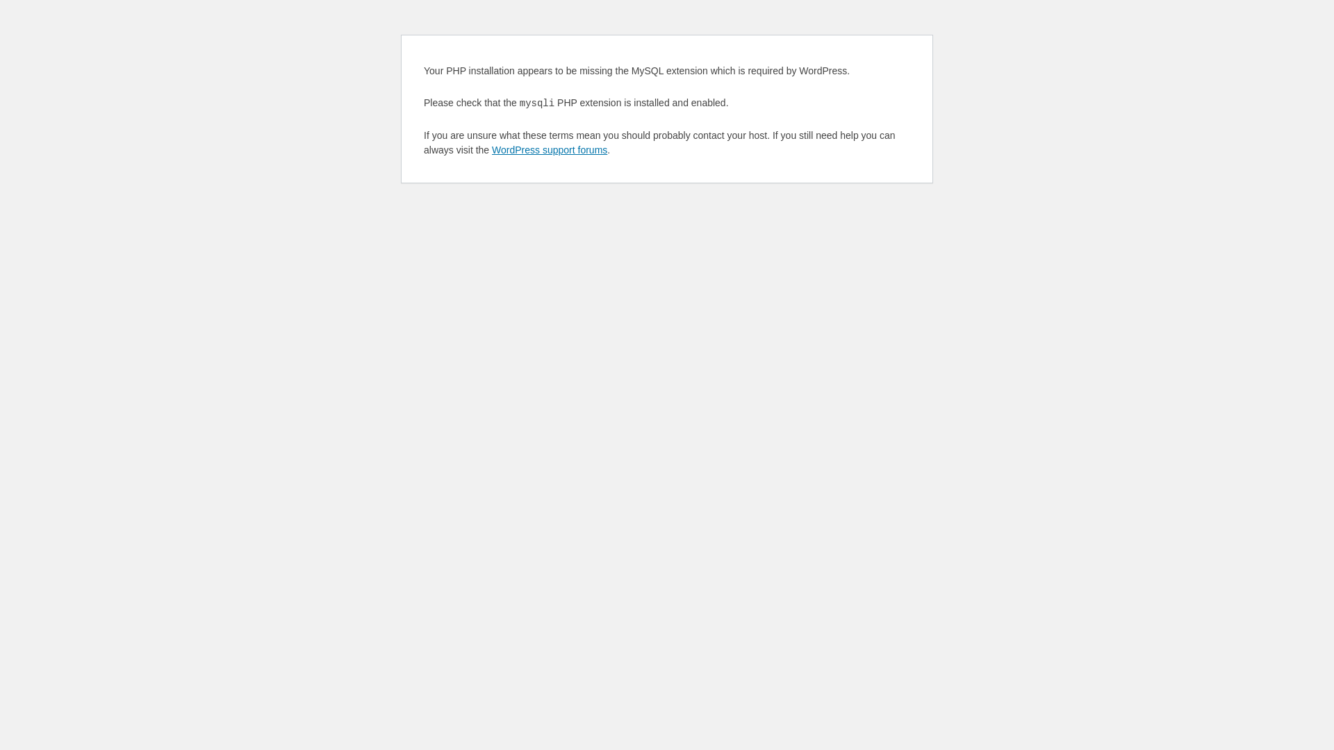 This screenshot has height=750, width=1334. What do you see at coordinates (549, 150) in the screenshot?
I see `'WordPress support forums'` at bounding box center [549, 150].